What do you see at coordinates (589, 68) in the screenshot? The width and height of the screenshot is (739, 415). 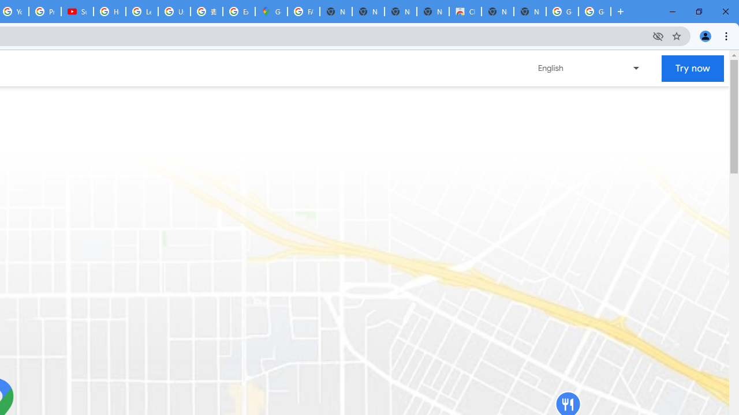 I see `'Change language or region'` at bounding box center [589, 68].